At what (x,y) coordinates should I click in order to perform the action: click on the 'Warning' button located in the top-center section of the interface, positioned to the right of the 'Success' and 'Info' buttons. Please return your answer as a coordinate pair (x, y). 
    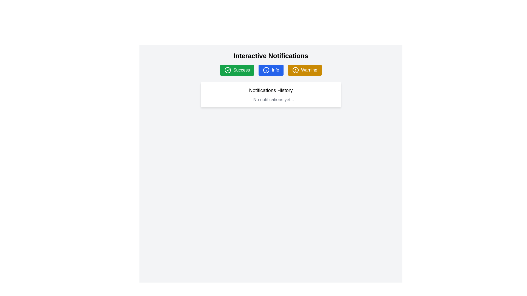
    Looking at the image, I should click on (304, 70).